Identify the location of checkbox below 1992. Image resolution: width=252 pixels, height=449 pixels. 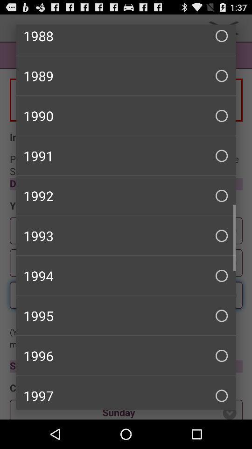
(126, 235).